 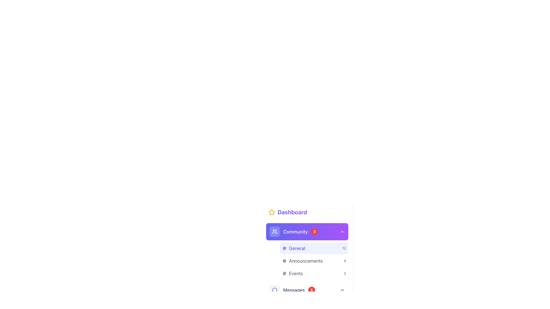 What do you see at coordinates (307, 232) in the screenshot?
I see `the 'Community' button located in the left side navigation panel, which features a gradient background, an icon on the left, the text 'Community', a red badge with the number '3', and a downward triangle icon on the right` at bounding box center [307, 232].